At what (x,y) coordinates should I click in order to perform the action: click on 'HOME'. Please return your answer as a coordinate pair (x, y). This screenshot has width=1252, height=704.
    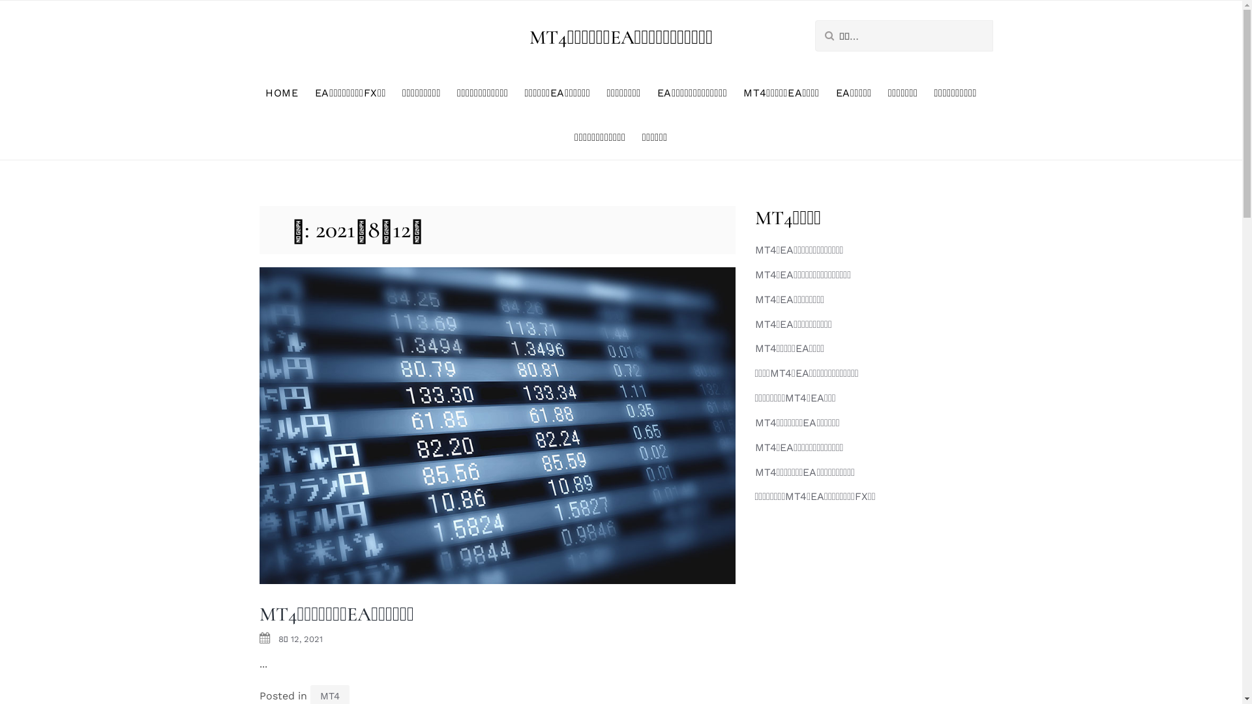
    Looking at the image, I should click on (281, 92).